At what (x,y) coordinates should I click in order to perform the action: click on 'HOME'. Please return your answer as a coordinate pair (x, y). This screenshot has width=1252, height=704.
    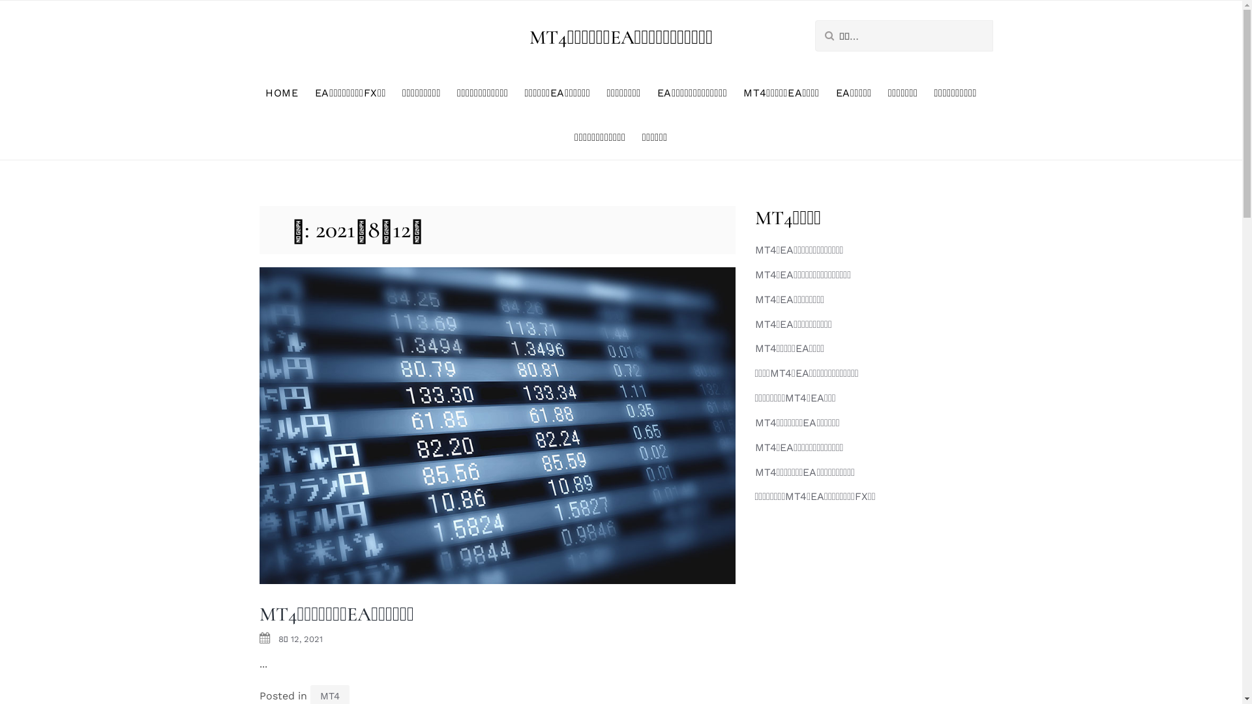
    Looking at the image, I should click on (281, 92).